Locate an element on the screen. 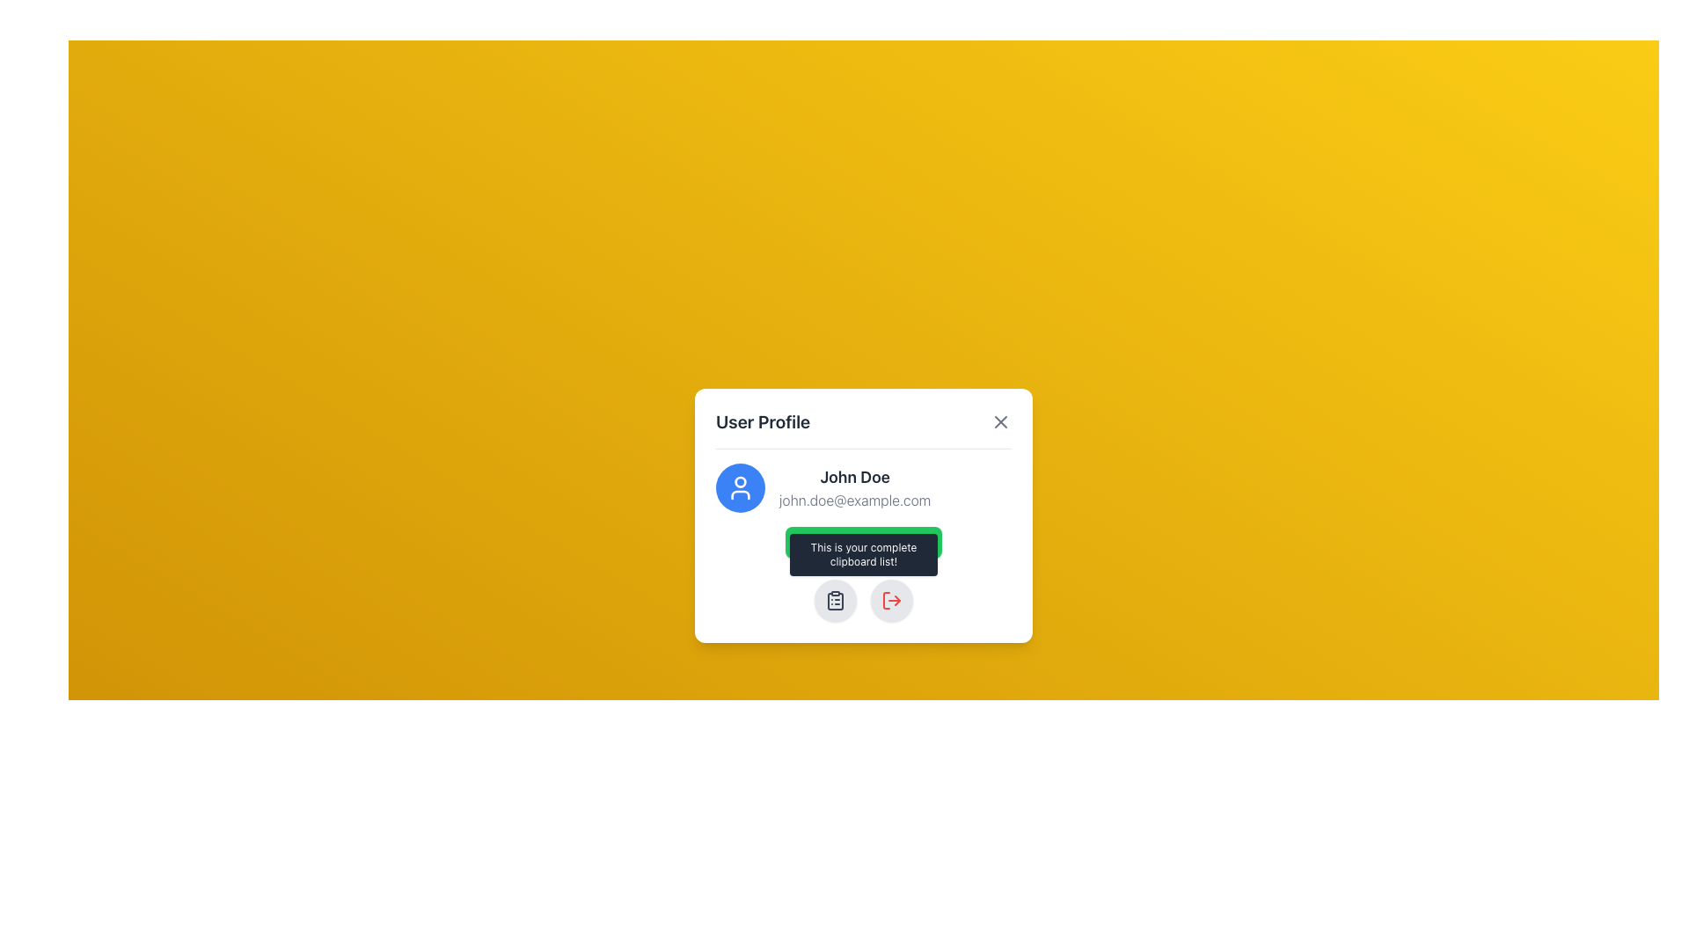 The image size is (1689, 950). the logout icon button located at the bottom-right corner of the modal dialog is located at coordinates (891, 599).